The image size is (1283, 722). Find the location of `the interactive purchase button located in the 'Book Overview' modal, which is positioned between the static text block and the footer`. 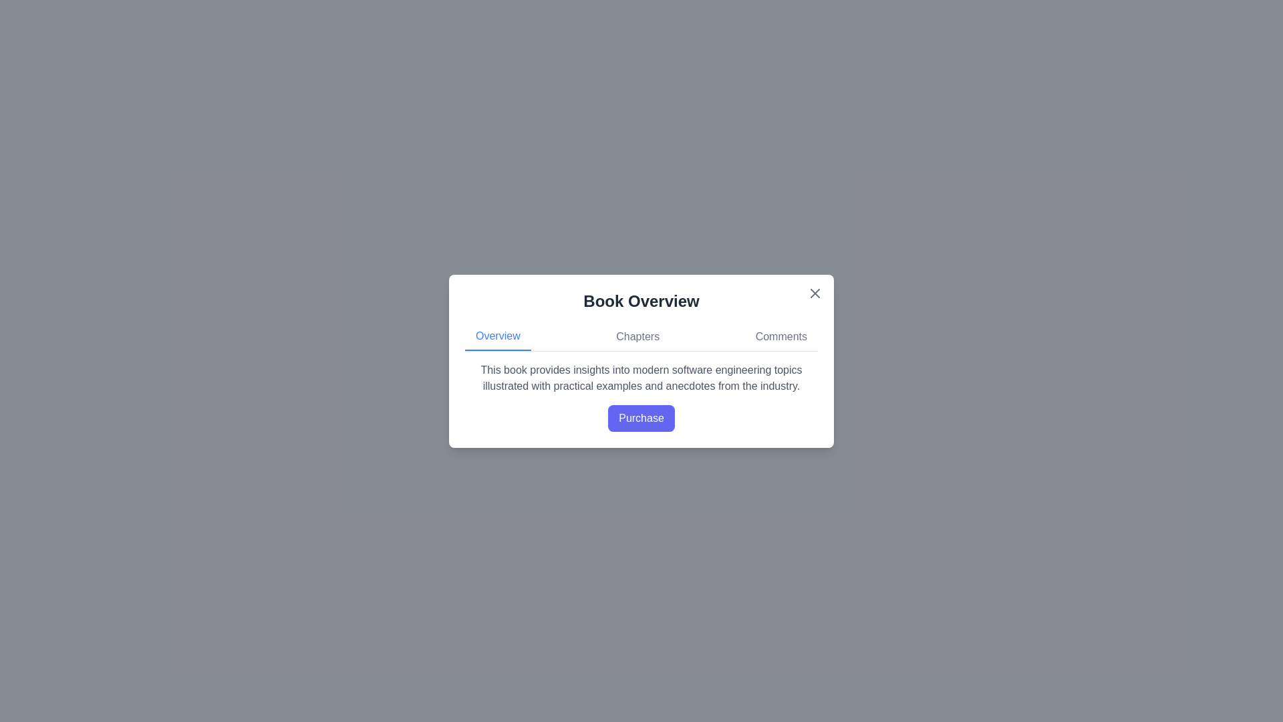

the interactive purchase button located in the 'Book Overview' modal, which is positioned between the static text block and the footer is located at coordinates (641, 396).